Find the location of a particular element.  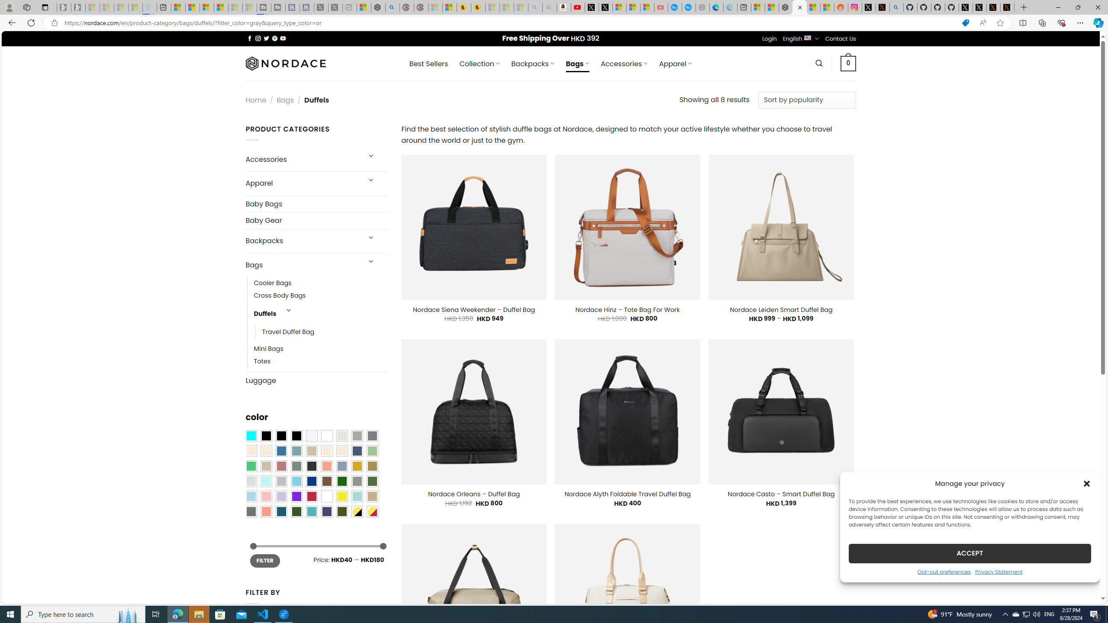

'Baby Gear' is located at coordinates (316, 220).